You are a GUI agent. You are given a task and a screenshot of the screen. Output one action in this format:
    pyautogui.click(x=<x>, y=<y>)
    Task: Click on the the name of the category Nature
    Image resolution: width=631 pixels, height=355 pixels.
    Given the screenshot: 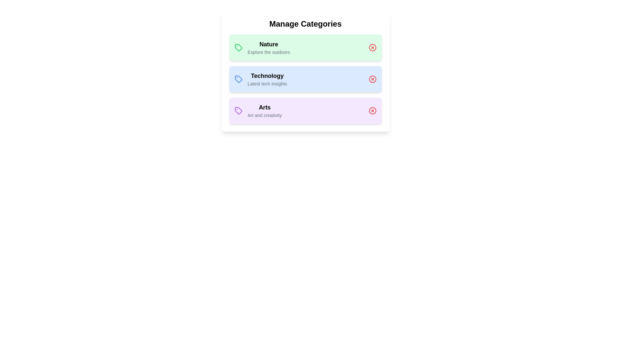 What is the action you would take?
    pyautogui.click(x=269, y=44)
    